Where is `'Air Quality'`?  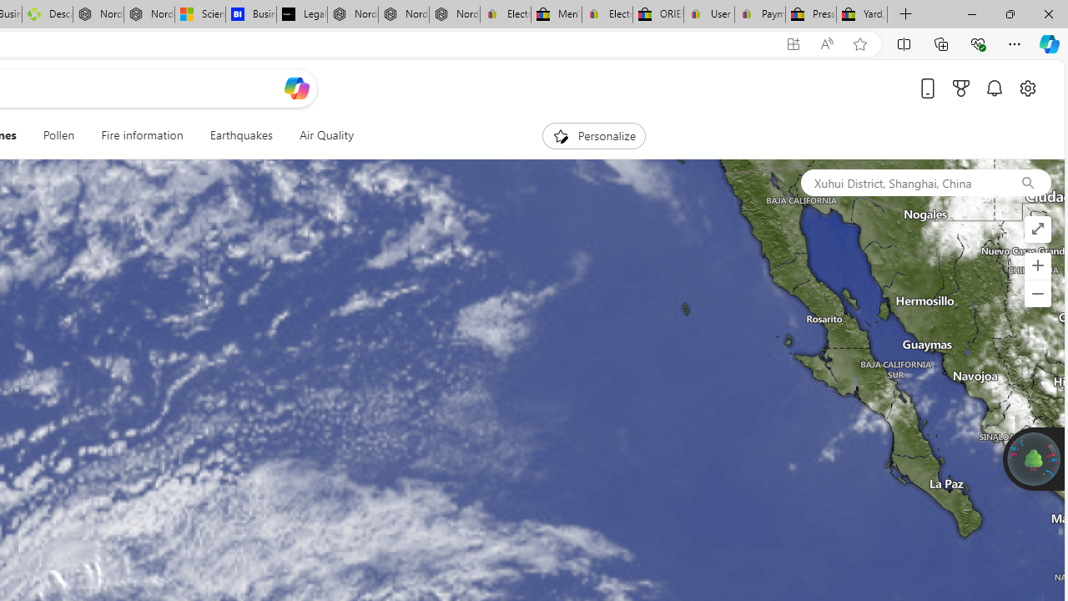
'Air Quality' is located at coordinates (319, 135).